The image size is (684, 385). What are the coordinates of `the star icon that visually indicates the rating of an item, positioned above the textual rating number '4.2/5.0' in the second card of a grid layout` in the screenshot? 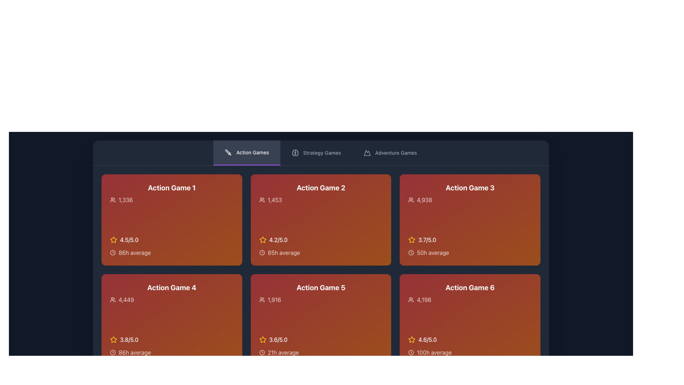 It's located at (262, 240).